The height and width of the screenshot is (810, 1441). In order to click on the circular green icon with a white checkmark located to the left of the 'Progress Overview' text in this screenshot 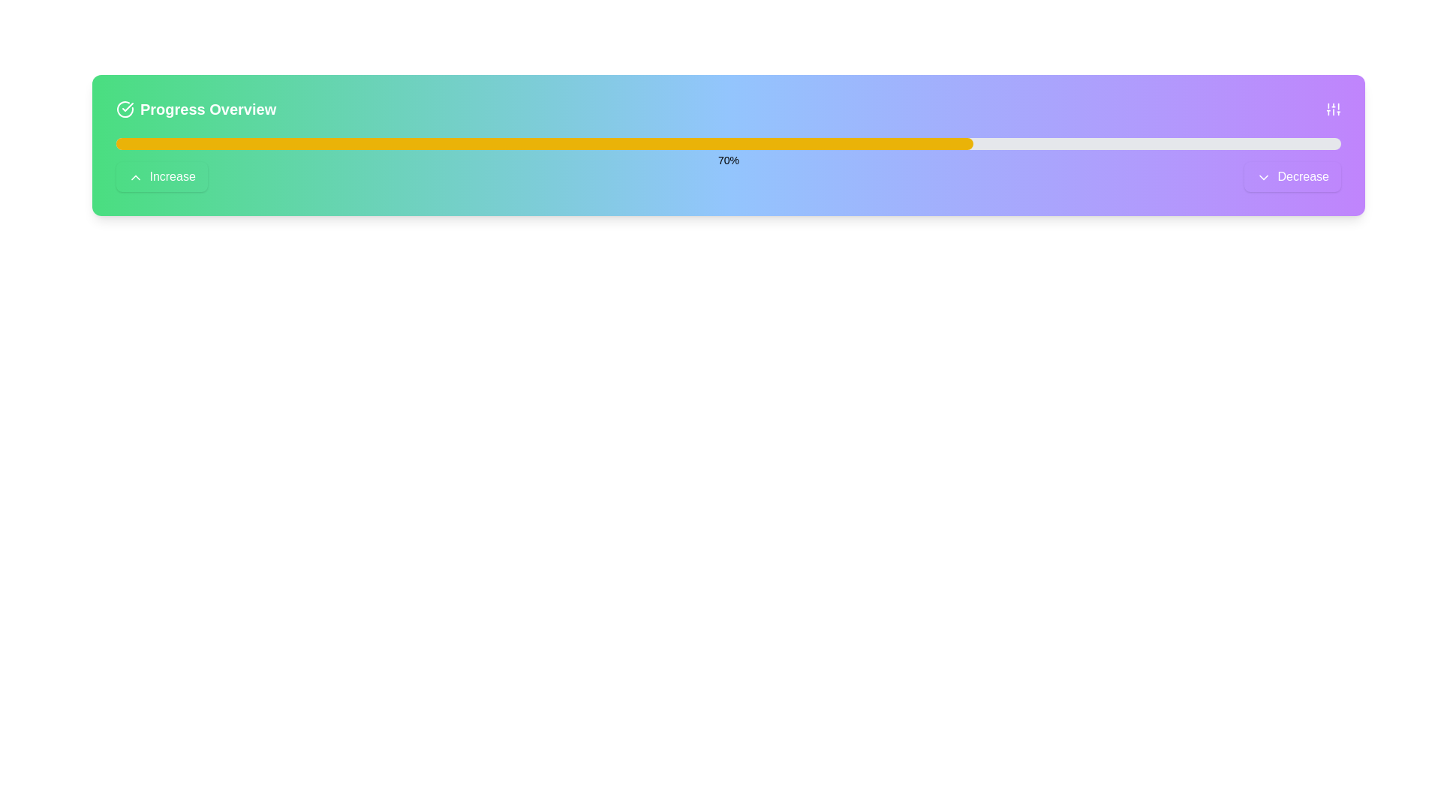, I will do `click(125, 109)`.